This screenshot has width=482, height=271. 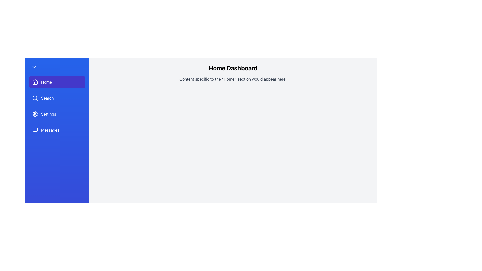 What do you see at coordinates (35, 130) in the screenshot?
I see `the small speech bubble icon located on the navigational sidebar within the 'Messages' menu, positioned to the left of the text label 'Messages.'` at bounding box center [35, 130].